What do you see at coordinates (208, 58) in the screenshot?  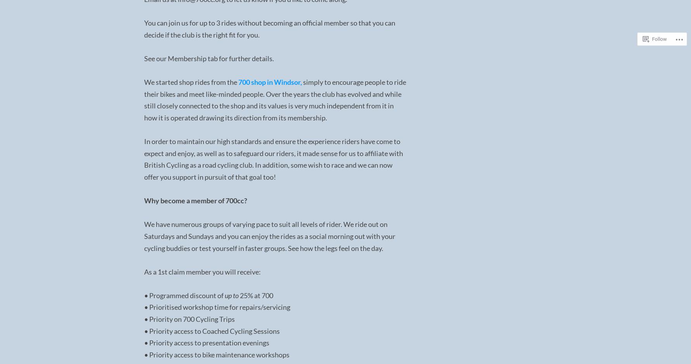 I see `'See our Membership tab for further details.'` at bounding box center [208, 58].